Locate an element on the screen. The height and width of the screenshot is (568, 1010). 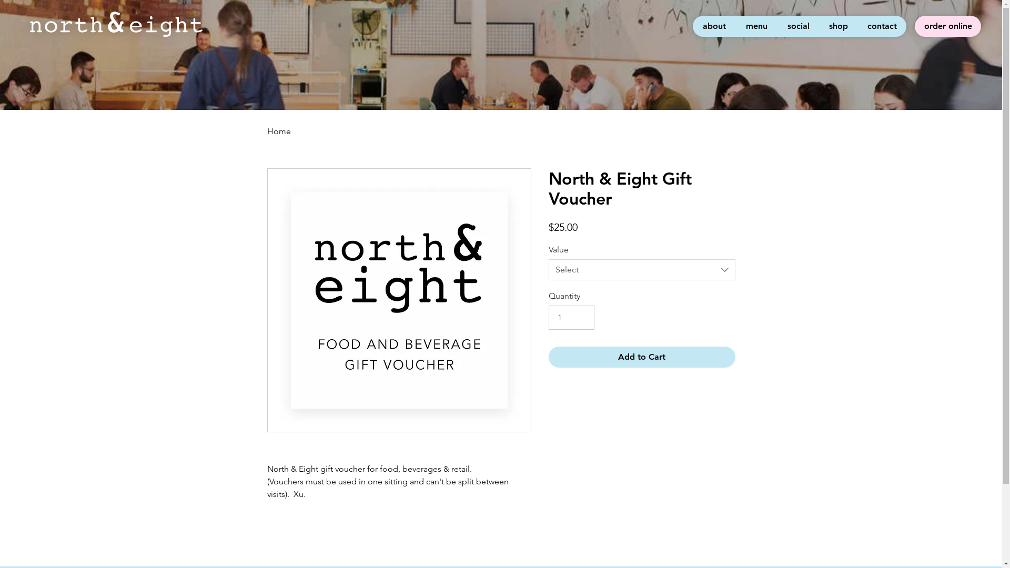
'Home' is located at coordinates (279, 130).